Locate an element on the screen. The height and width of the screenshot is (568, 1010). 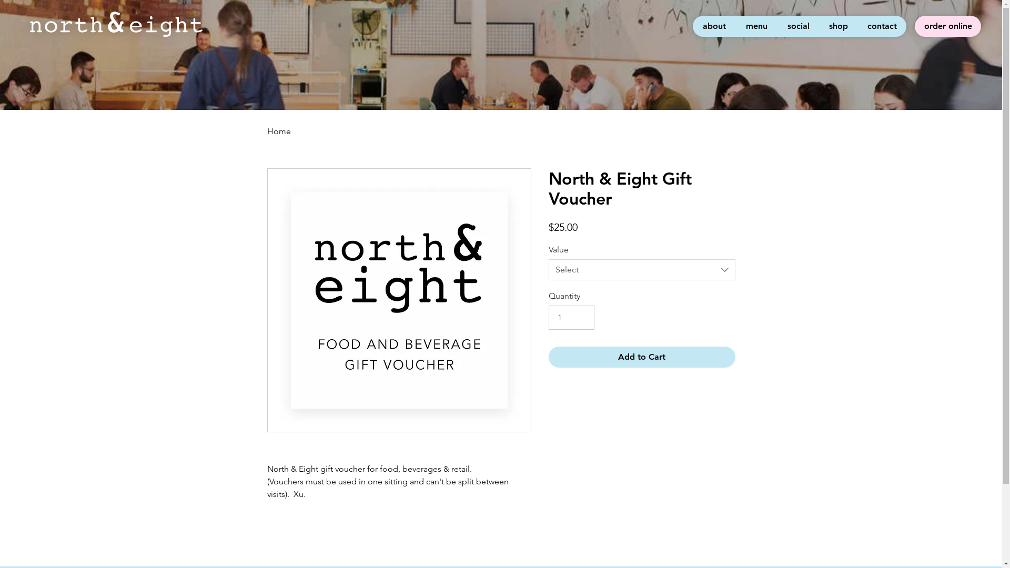
'Home' is located at coordinates (279, 130).